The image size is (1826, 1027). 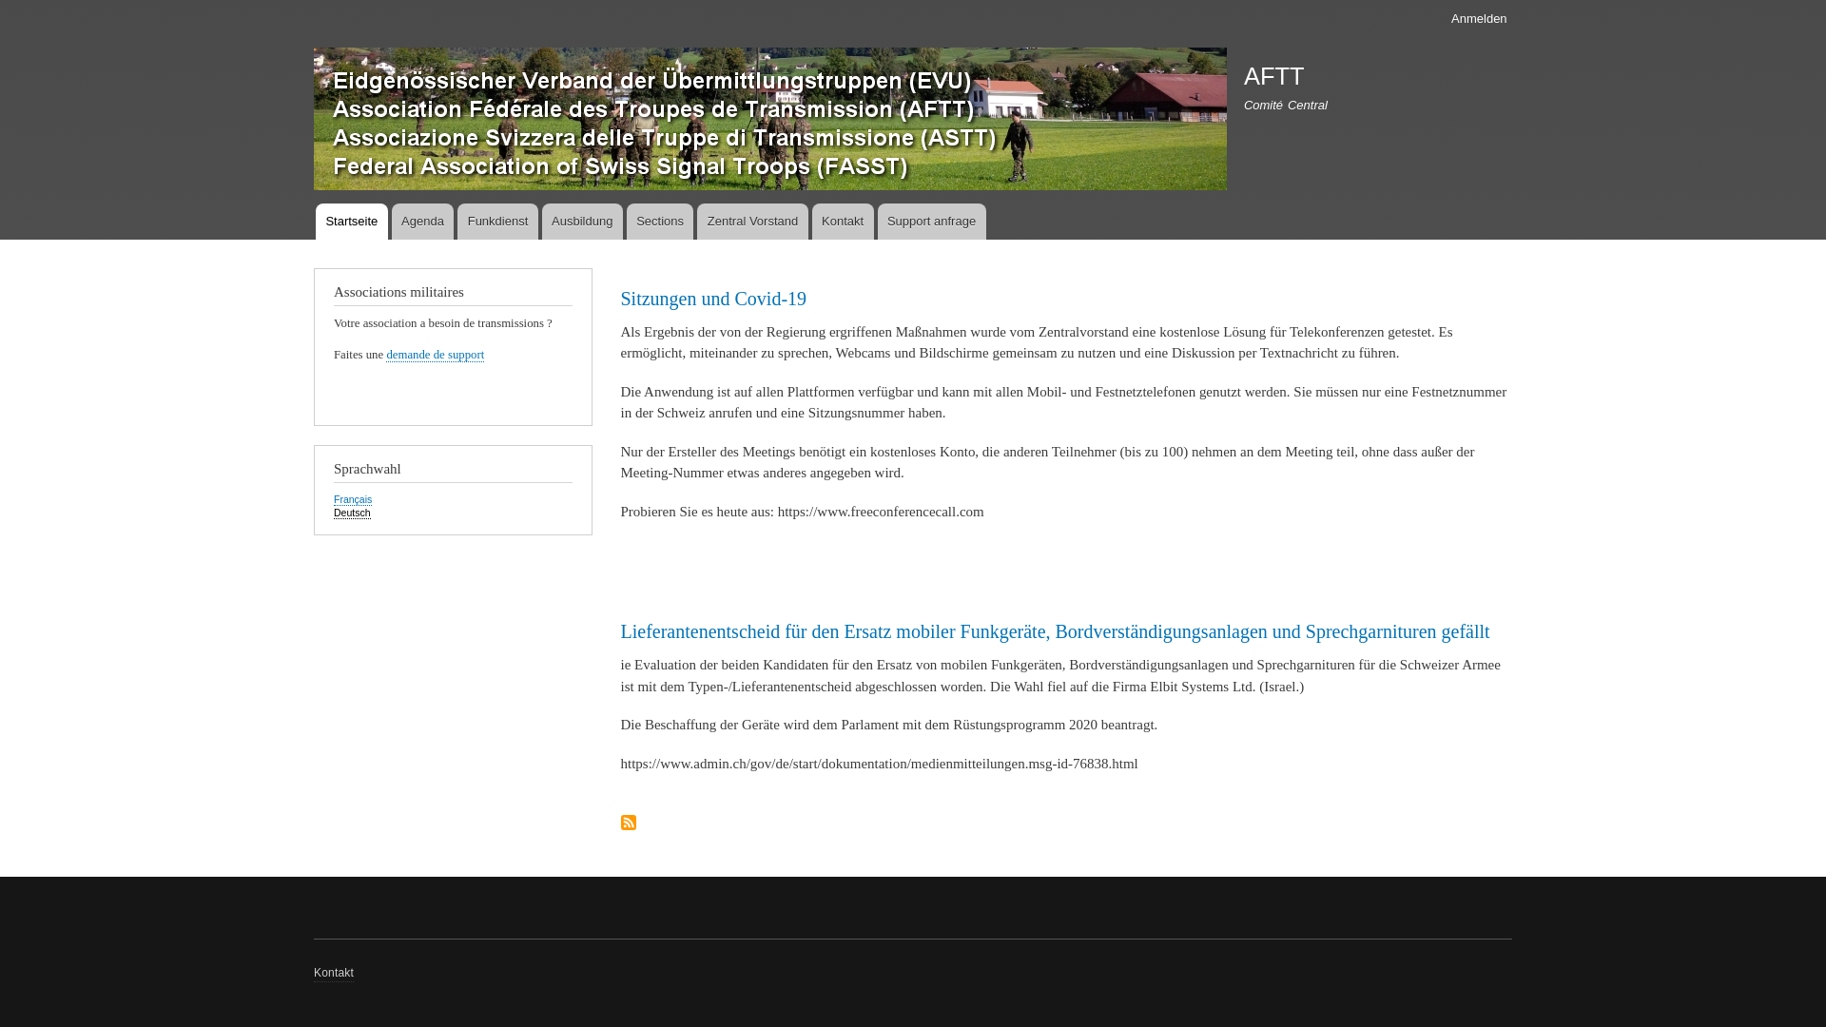 What do you see at coordinates (581, 220) in the screenshot?
I see `'Ausbildung'` at bounding box center [581, 220].